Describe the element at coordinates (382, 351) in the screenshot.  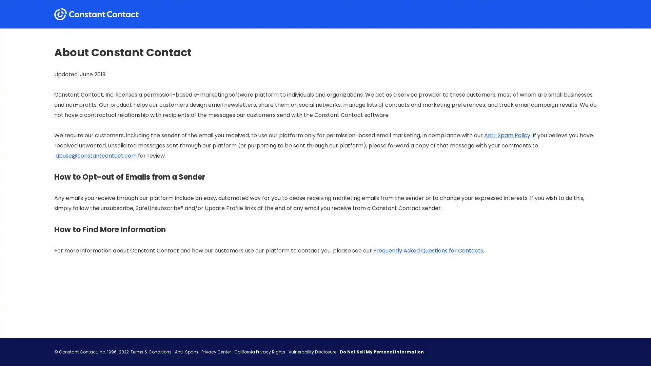
I see `Do Not Sell My Personal Information` at that location.